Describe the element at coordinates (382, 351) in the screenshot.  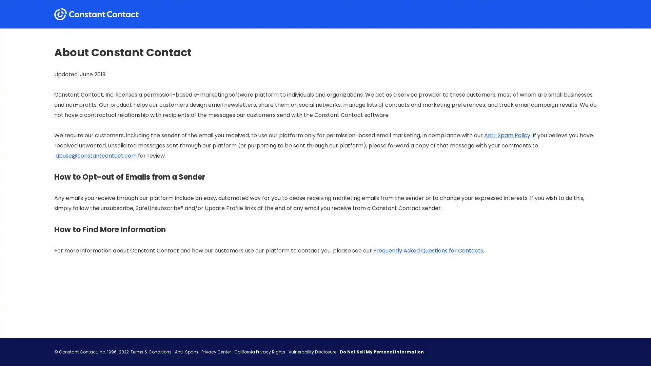
I see `Do Not Sell My Personal Information` at that location.